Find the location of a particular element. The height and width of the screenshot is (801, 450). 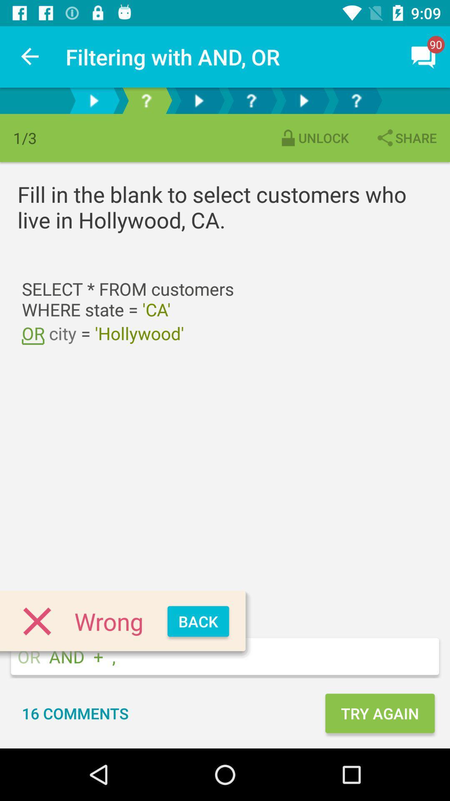

the 16 comments icon is located at coordinates (75, 713).